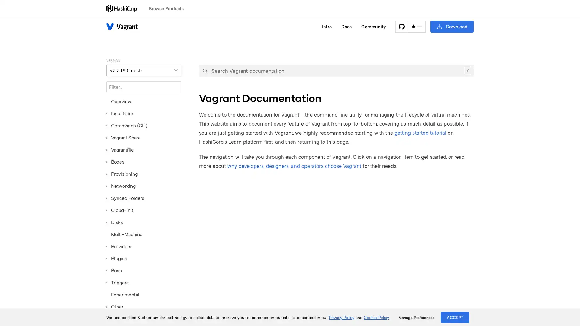 The height and width of the screenshot is (326, 580). Describe the element at coordinates (121, 186) in the screenshot. I see `Networking` at that location.